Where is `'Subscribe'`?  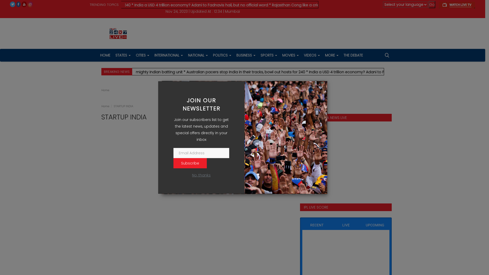 'Subscribe' is located at coordinates (190, 163).